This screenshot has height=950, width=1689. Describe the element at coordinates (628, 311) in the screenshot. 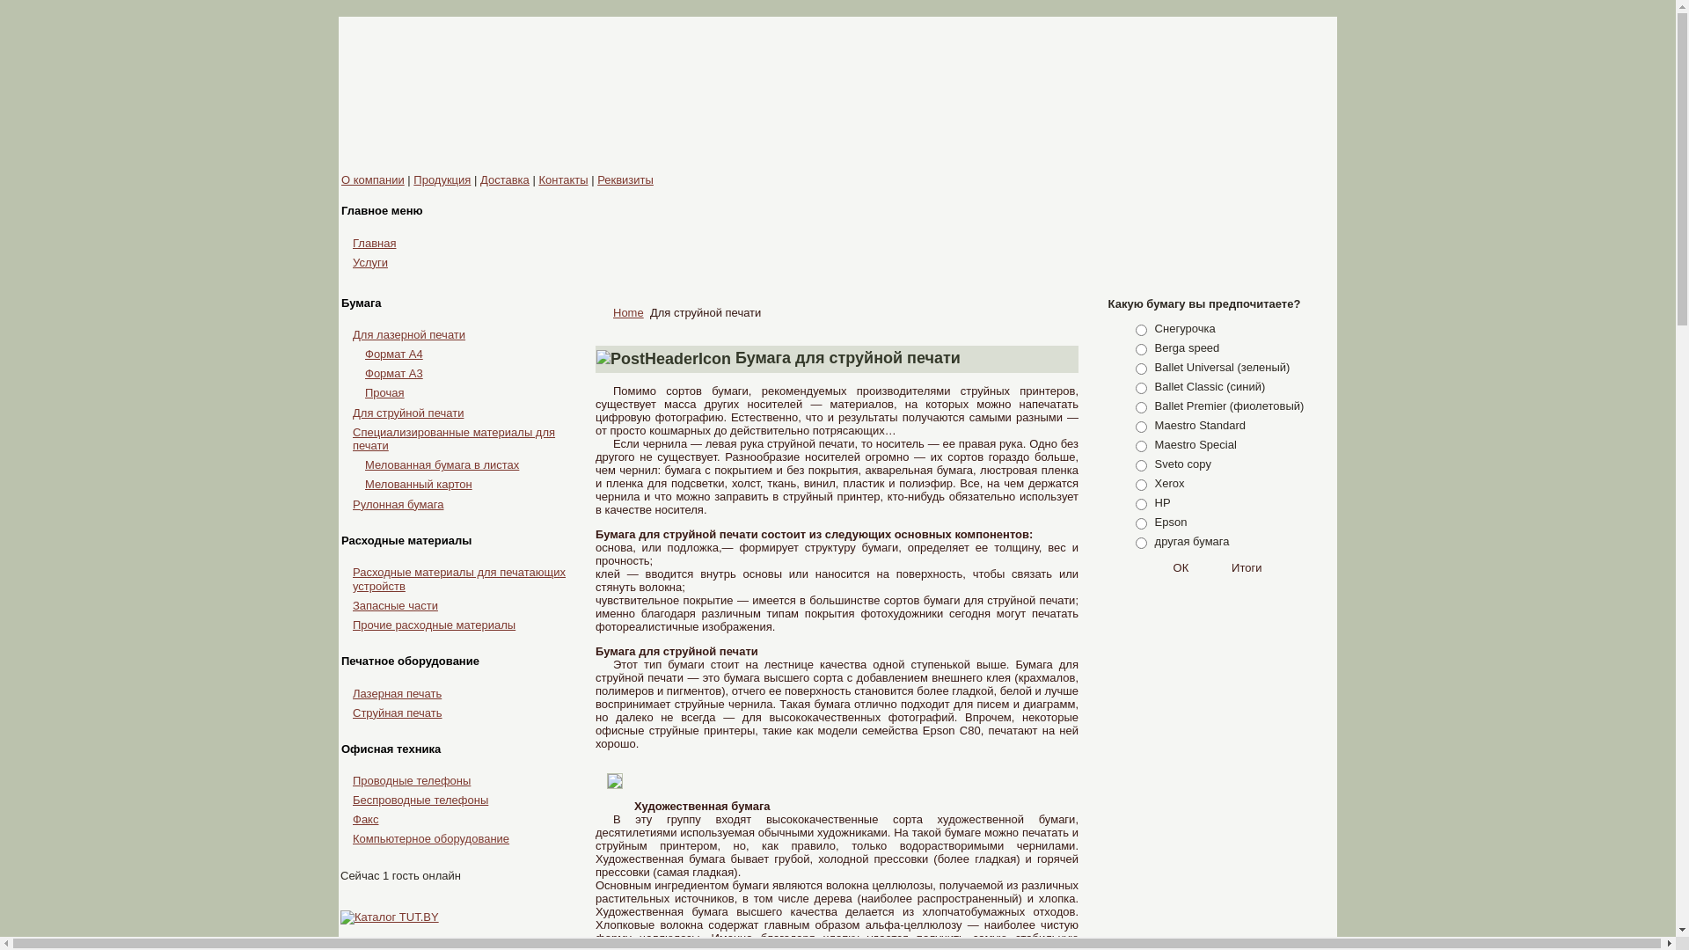

I see `'Home'` at that location.